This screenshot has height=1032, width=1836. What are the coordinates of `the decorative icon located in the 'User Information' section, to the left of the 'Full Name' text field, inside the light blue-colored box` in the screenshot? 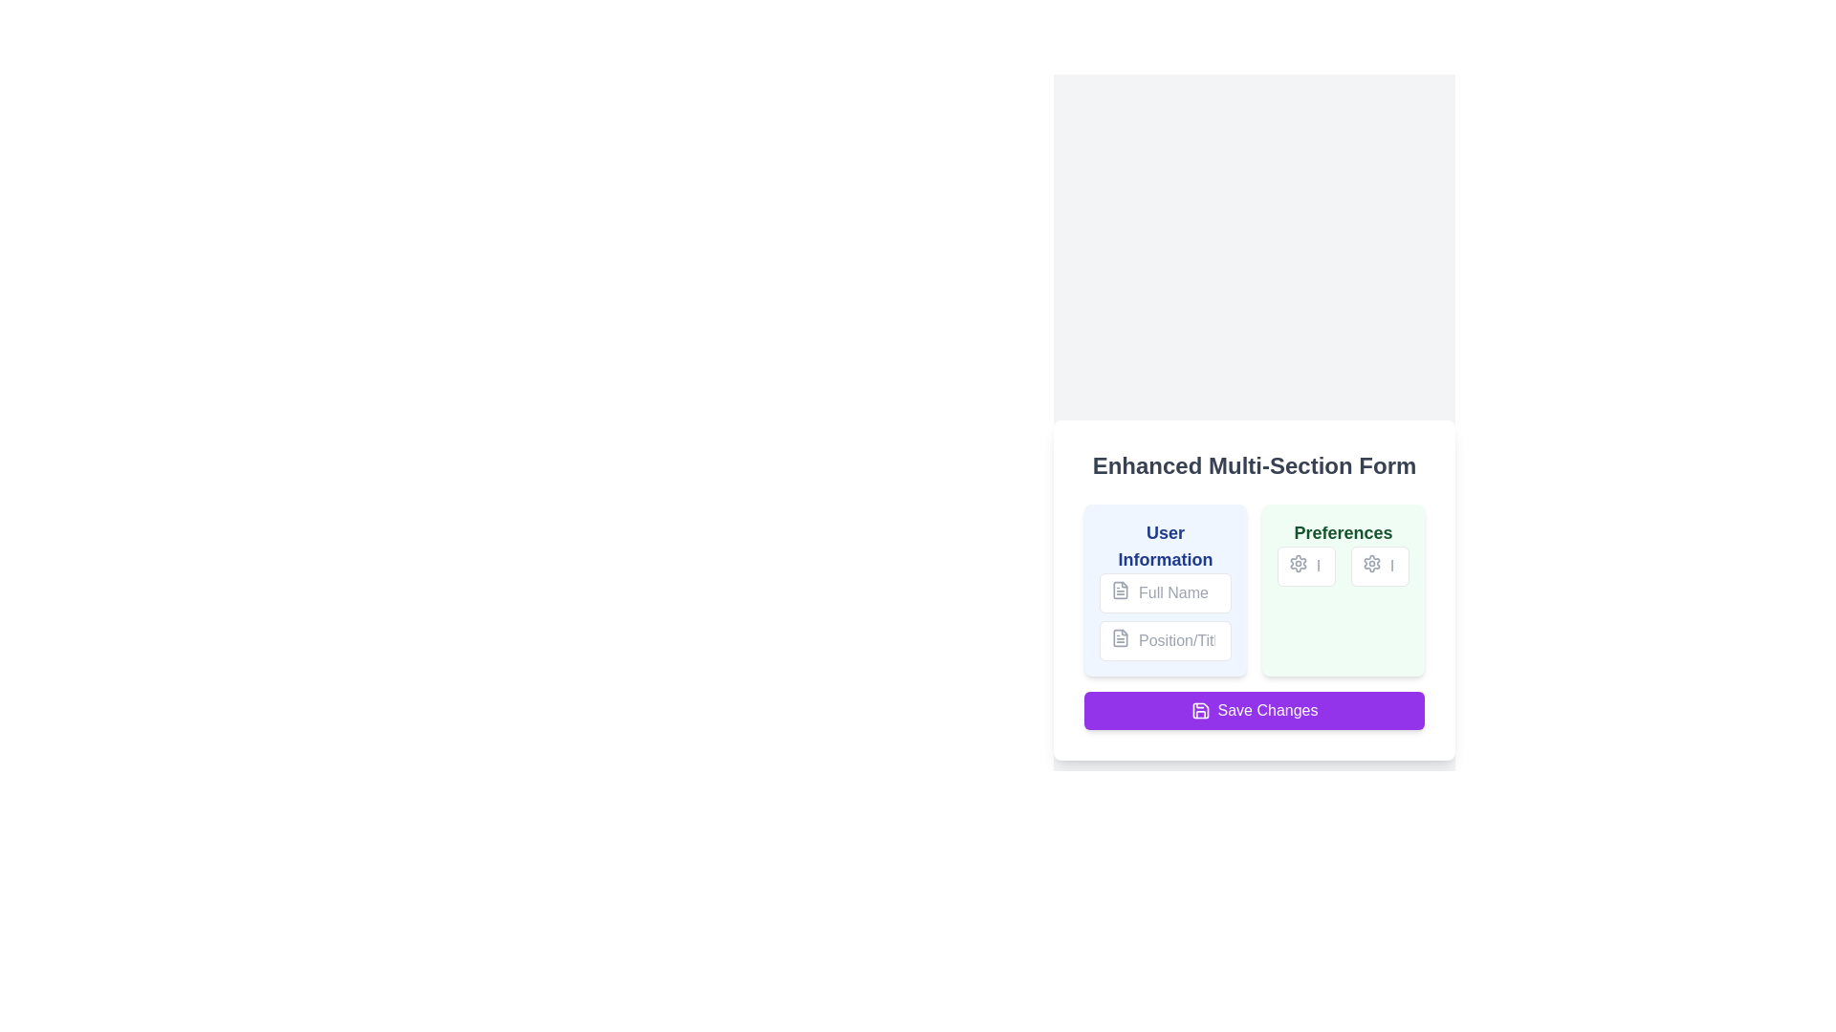 It's located at (1120, 589).